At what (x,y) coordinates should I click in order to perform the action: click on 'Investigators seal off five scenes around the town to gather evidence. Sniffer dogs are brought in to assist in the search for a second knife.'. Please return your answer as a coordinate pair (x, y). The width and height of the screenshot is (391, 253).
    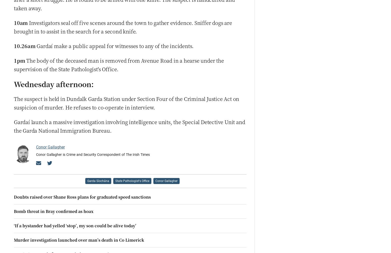
    Looking at the image, I should click on (14, 27).